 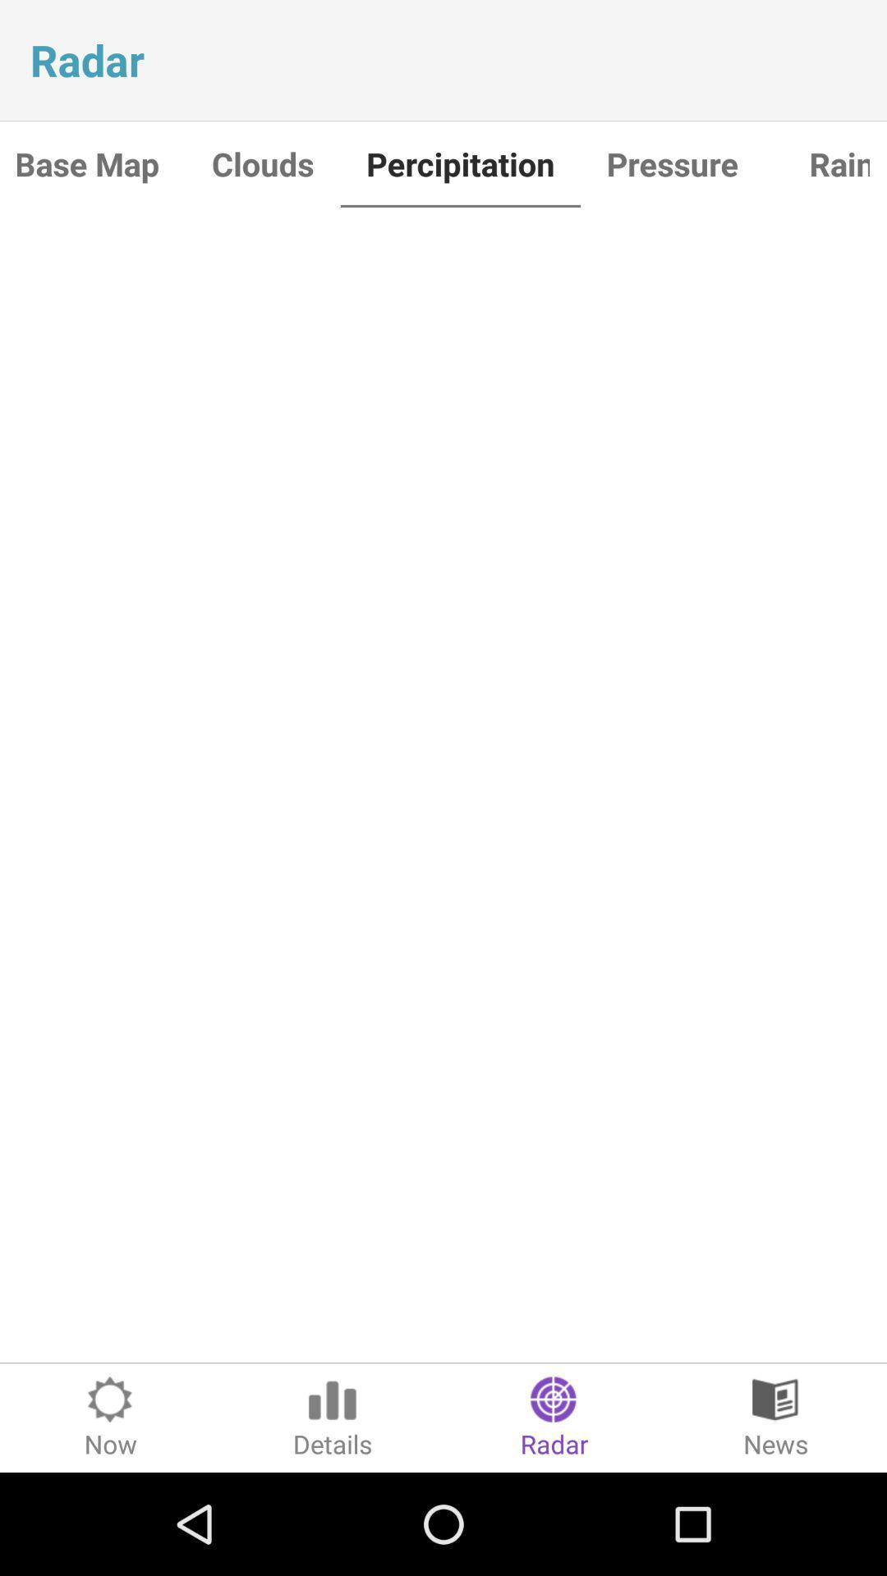 I want to click on icon to the right of radar, so click(x=776, y=1417).